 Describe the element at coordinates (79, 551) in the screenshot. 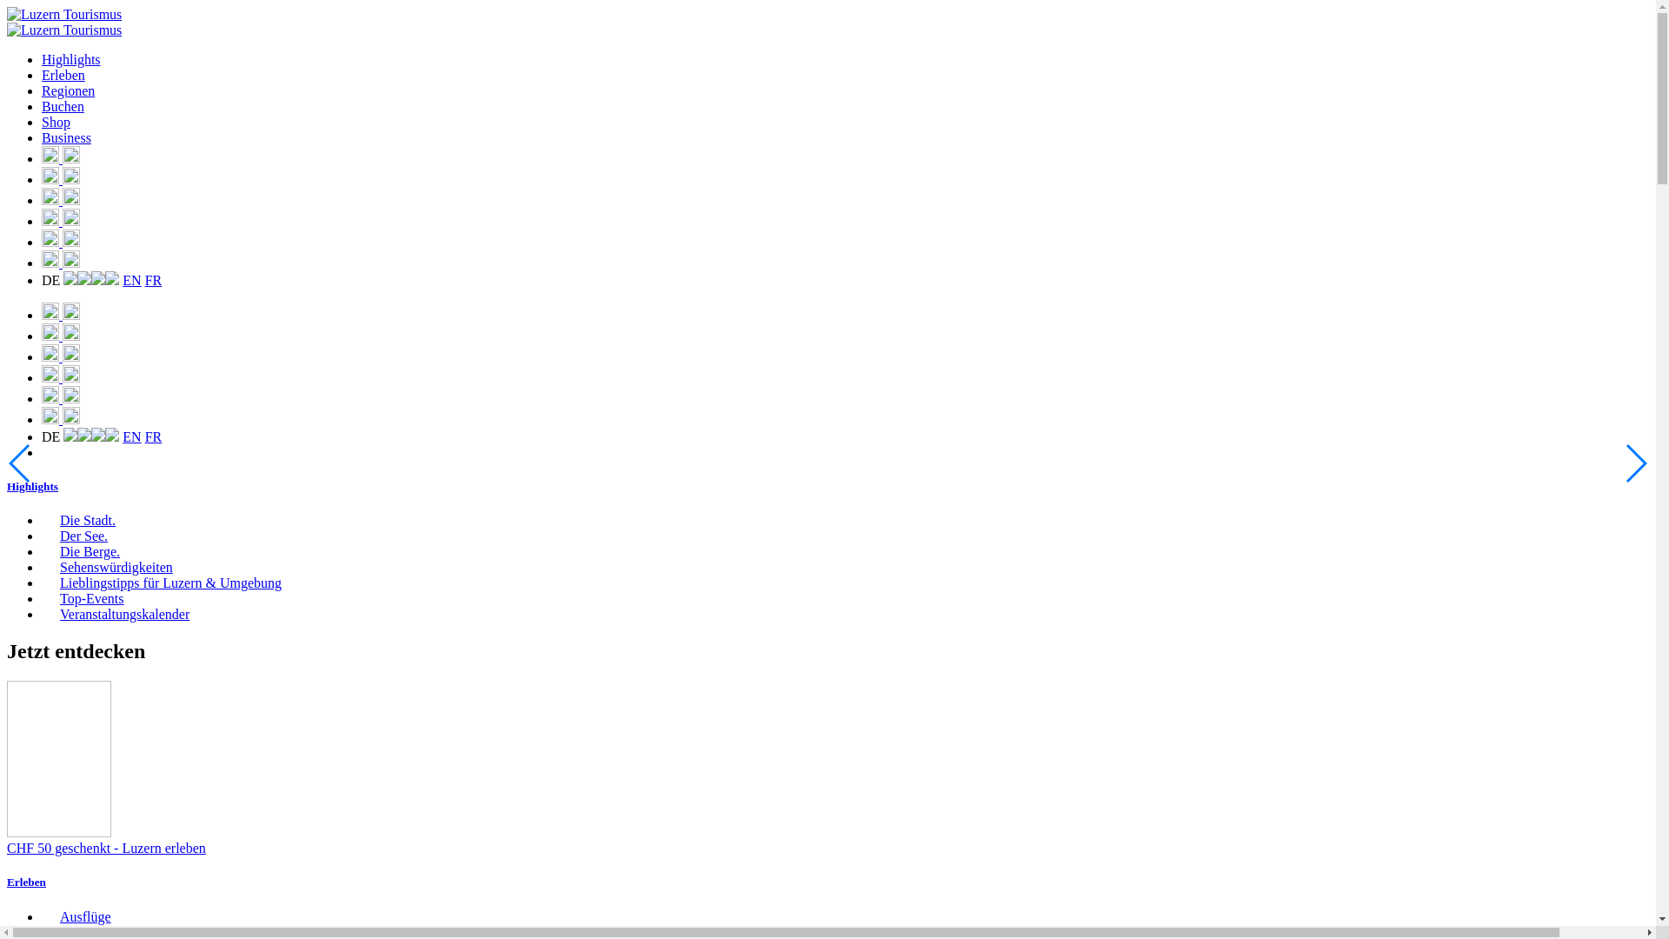

I see `'Die Berge.'` at that location.